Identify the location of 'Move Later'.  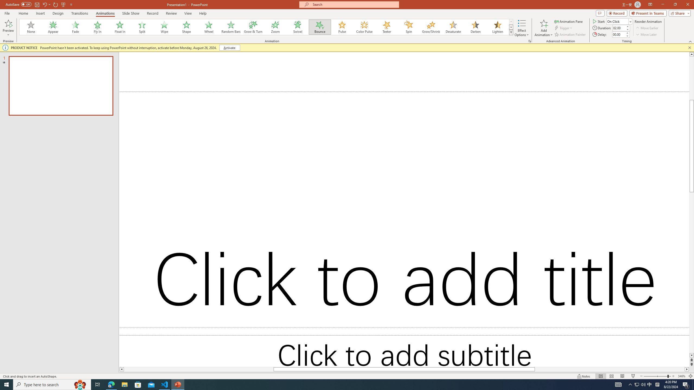
(646, 34).